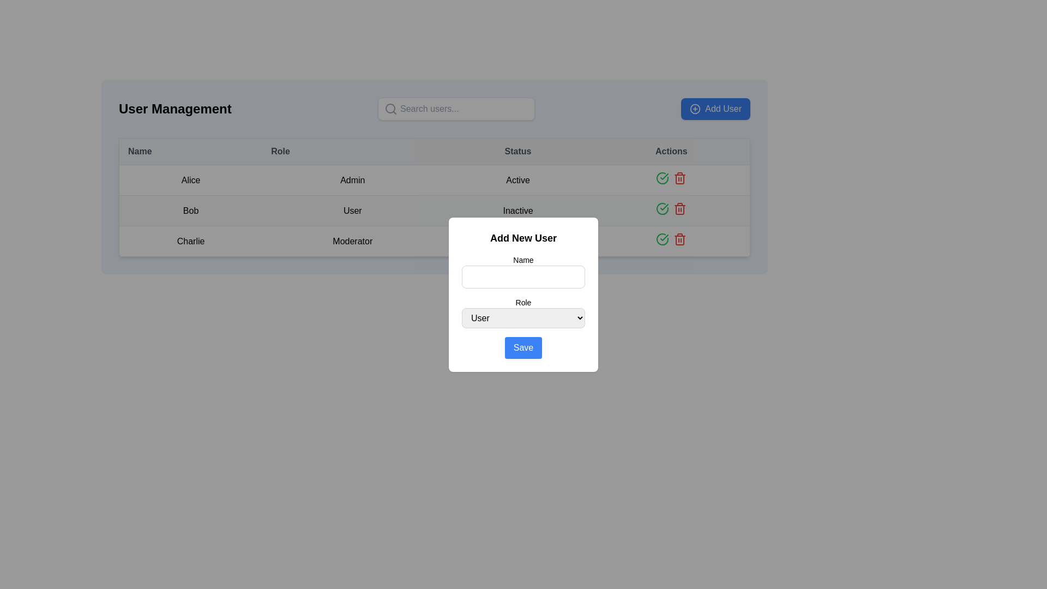 This screenshot has height=589, width=1047. Describe the element at coordinates (434, 179) in the screenshot. I see `the first row in the table that displays user information for Alice, who is an Admin with Active status` at that location.